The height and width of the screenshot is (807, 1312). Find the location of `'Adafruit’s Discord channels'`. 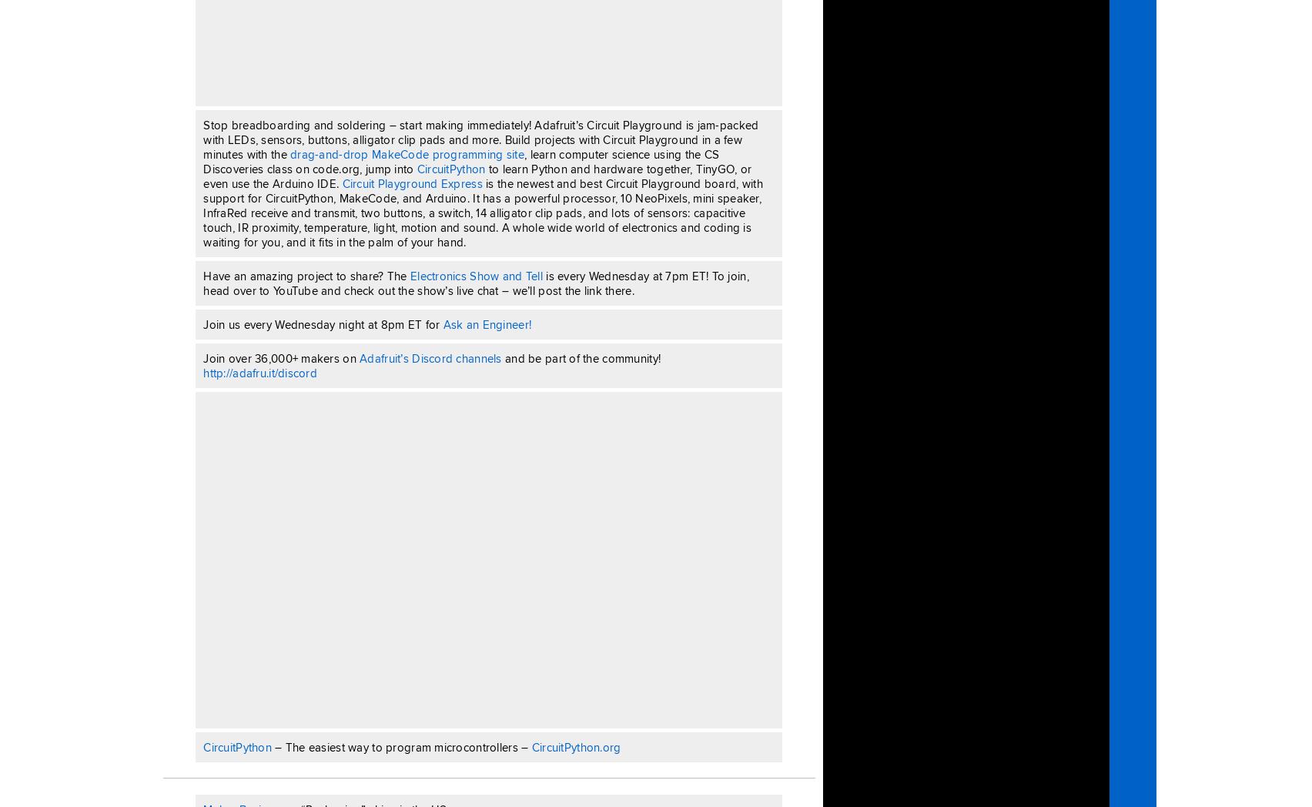

'Adafruit’s Discord channels' is located at coordinates (430, 357).